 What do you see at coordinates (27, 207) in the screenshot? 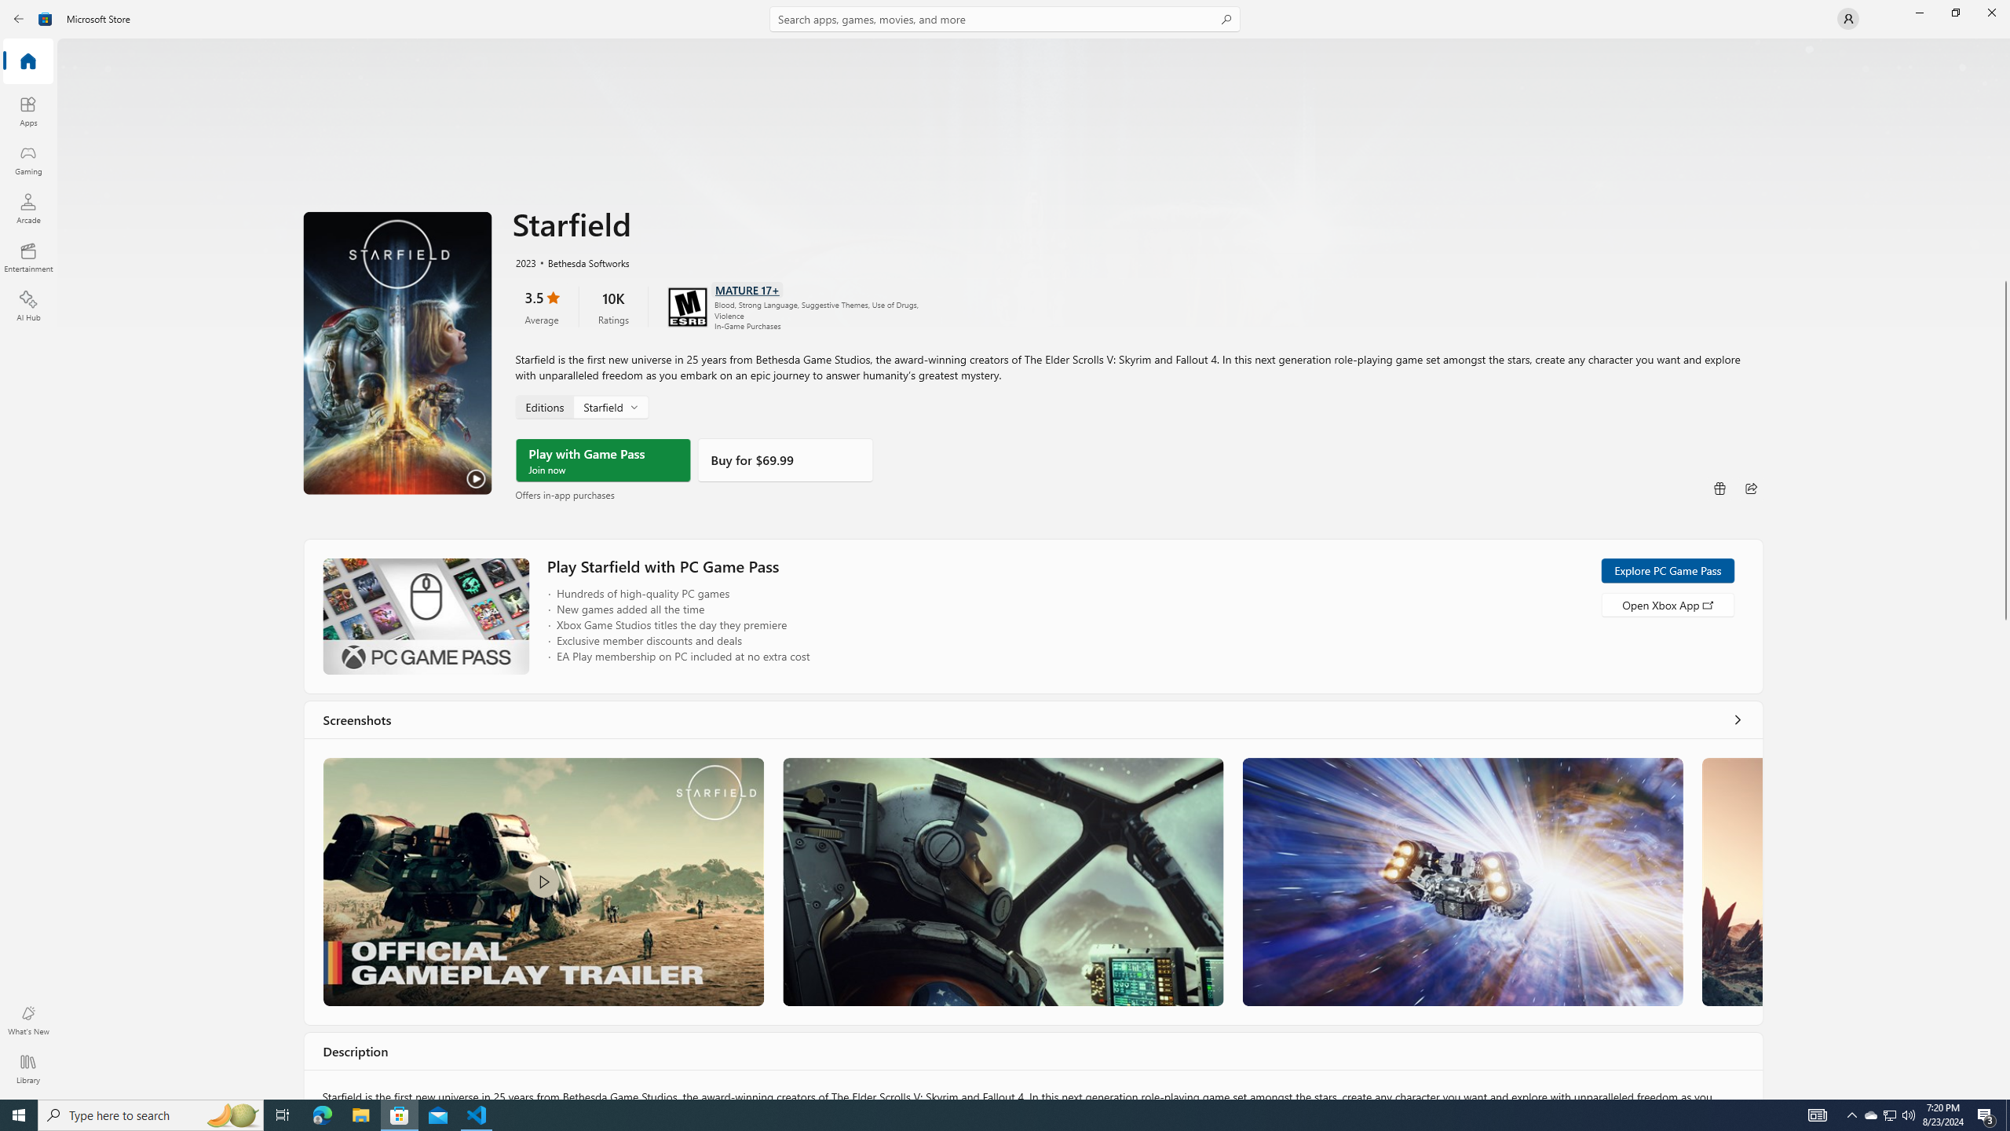
I see `'Arcade'` at bounding box center [27, 207].